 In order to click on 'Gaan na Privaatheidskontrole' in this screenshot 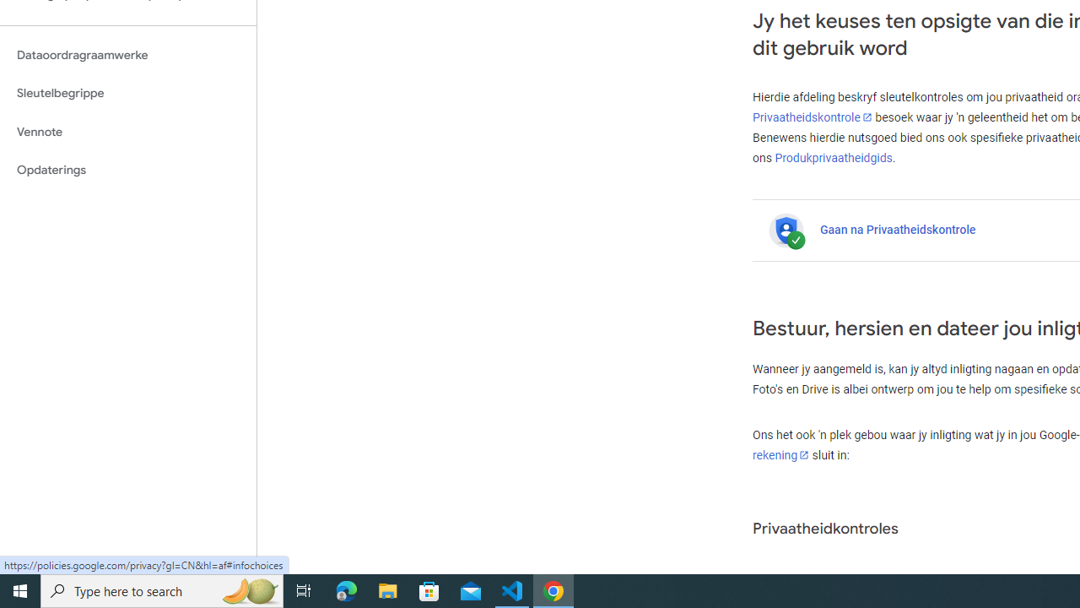, I will do `click(897, 229)`.